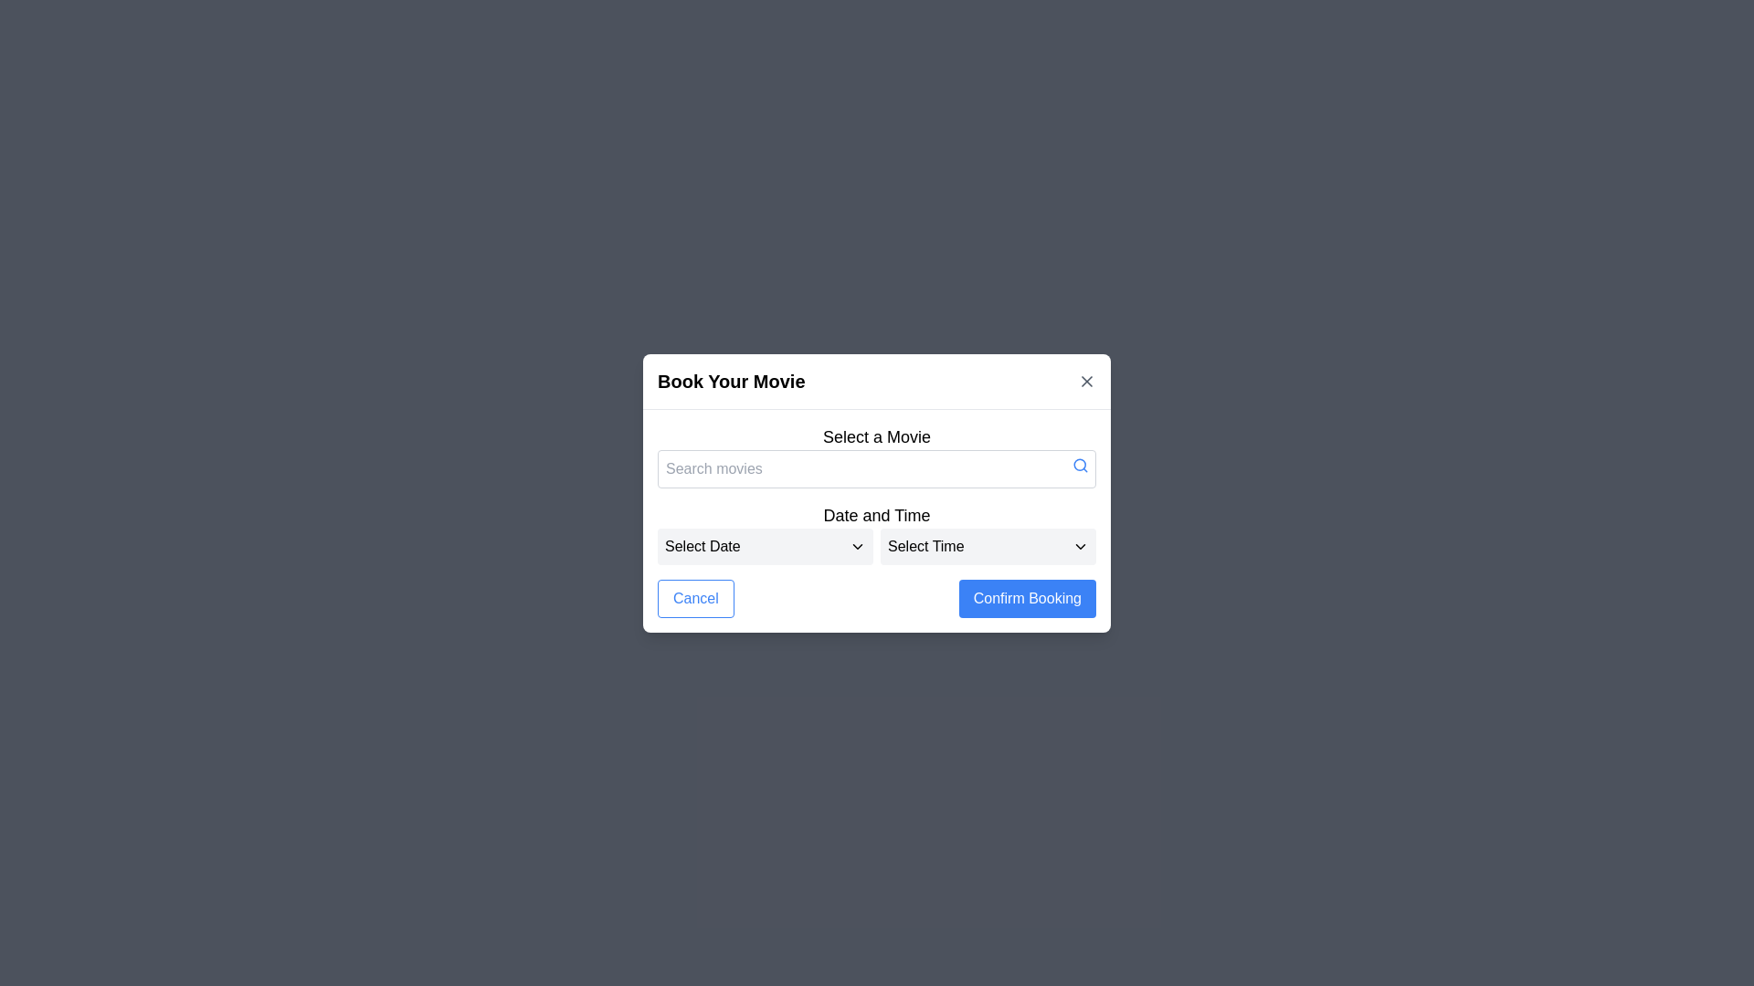  What do you see at coordinates (1080, 463) in the screenshot?
I see `the SVG circle element that is part of the search icon located at the top right corner of the 'Search movies' input field` at bounding box center [1080, 463].